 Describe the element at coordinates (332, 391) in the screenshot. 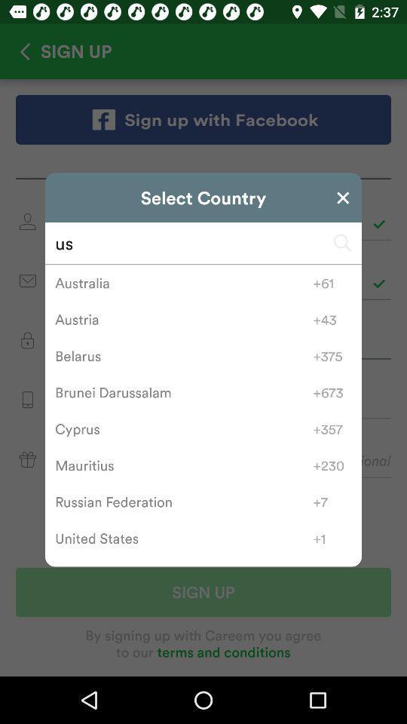

I see `the icon next to the brunei darussalam` at that location.